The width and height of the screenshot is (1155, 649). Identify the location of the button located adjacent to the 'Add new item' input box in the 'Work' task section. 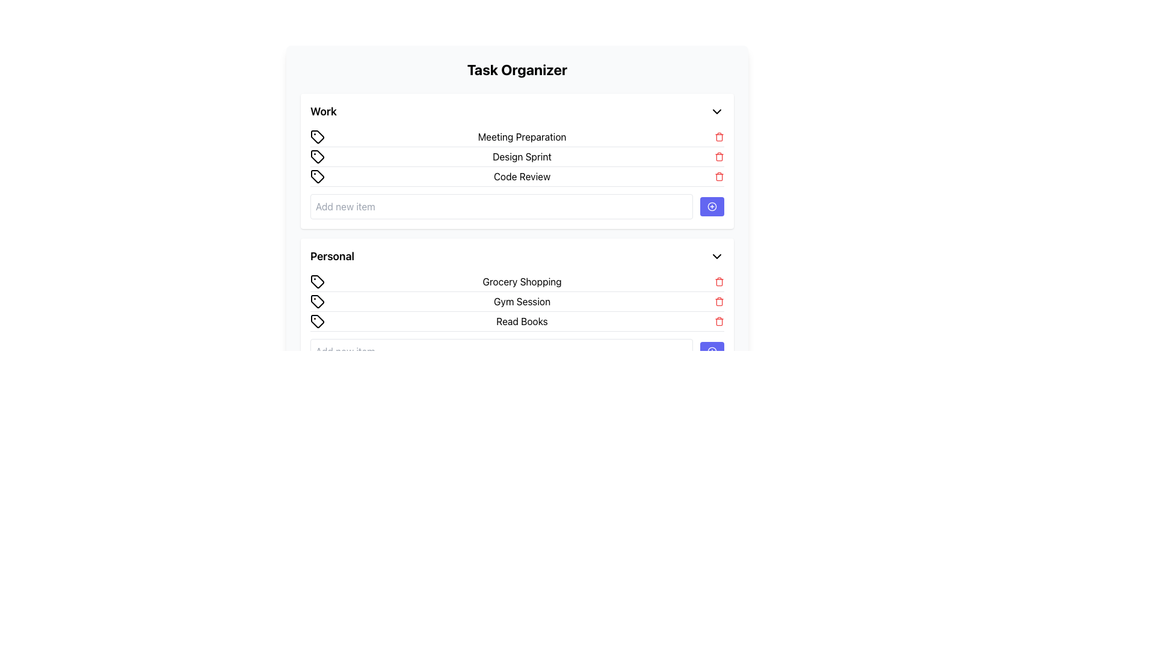
(712, 206).